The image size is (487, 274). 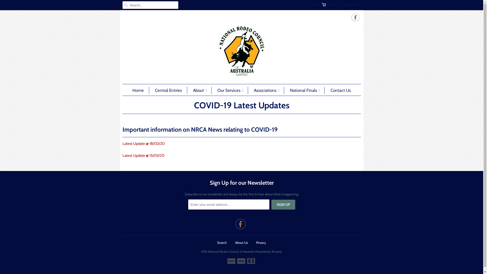 I want to click on 'Search', so click(x=222, y=242).